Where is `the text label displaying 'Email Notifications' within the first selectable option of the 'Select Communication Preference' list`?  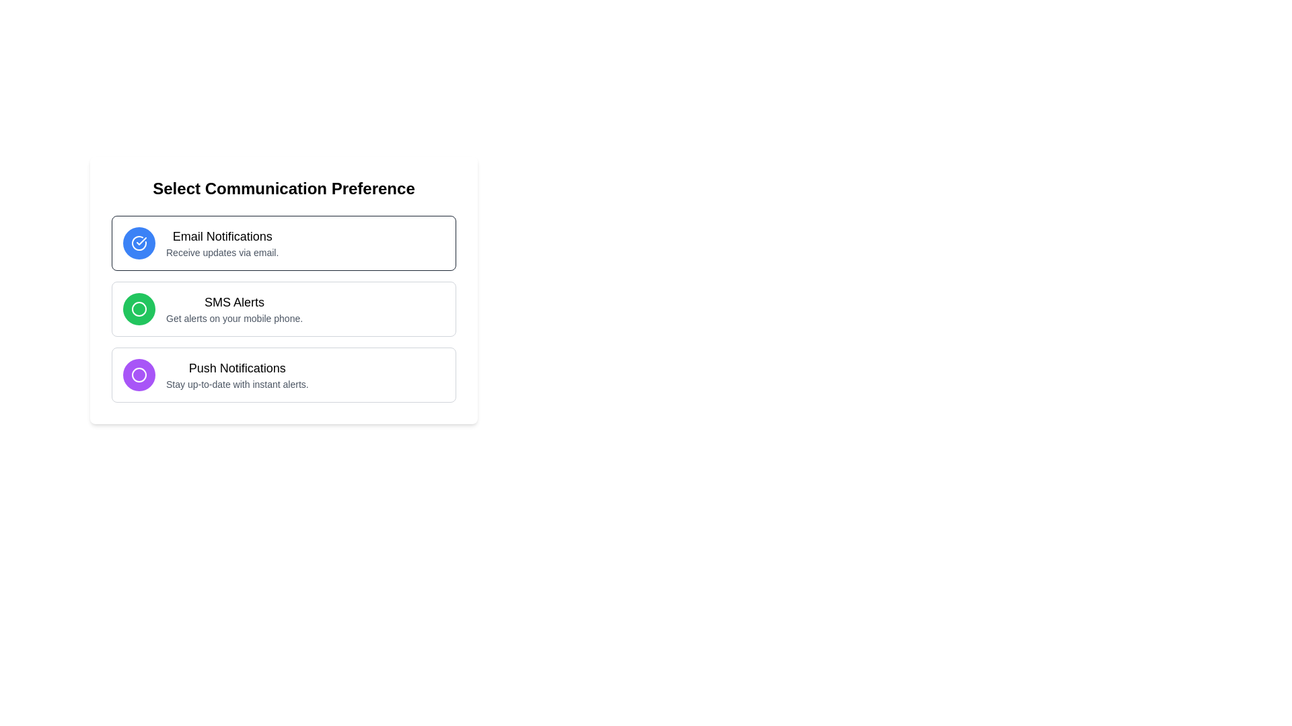 the text label displaying 'Email Notifications' within the first selectable option of the 'Select Communication Preference' list is located at coordinates (222, 243).